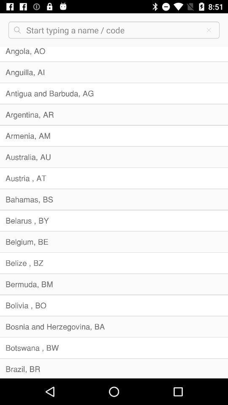 The height and width of the screenshot is (405, 228). I want to click on the search bar at the top of the page, so click(112, 30).